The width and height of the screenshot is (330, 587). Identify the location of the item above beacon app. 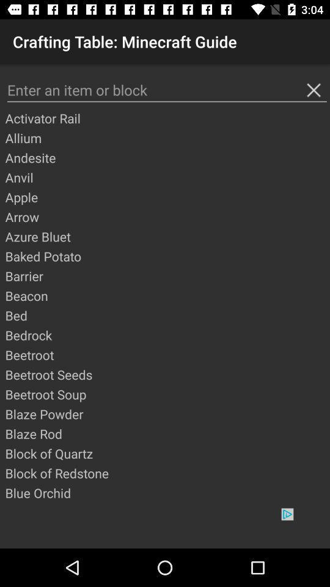
(166, 276).